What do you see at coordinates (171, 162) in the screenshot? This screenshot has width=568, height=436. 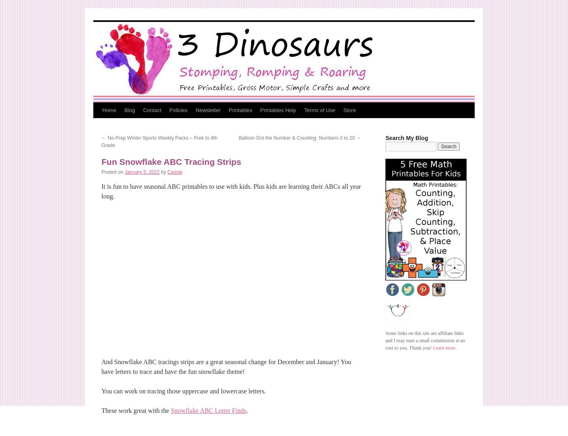 I see `'Fun Snowflake ABC Tracing Strips'` at bounding box center [171, 162].